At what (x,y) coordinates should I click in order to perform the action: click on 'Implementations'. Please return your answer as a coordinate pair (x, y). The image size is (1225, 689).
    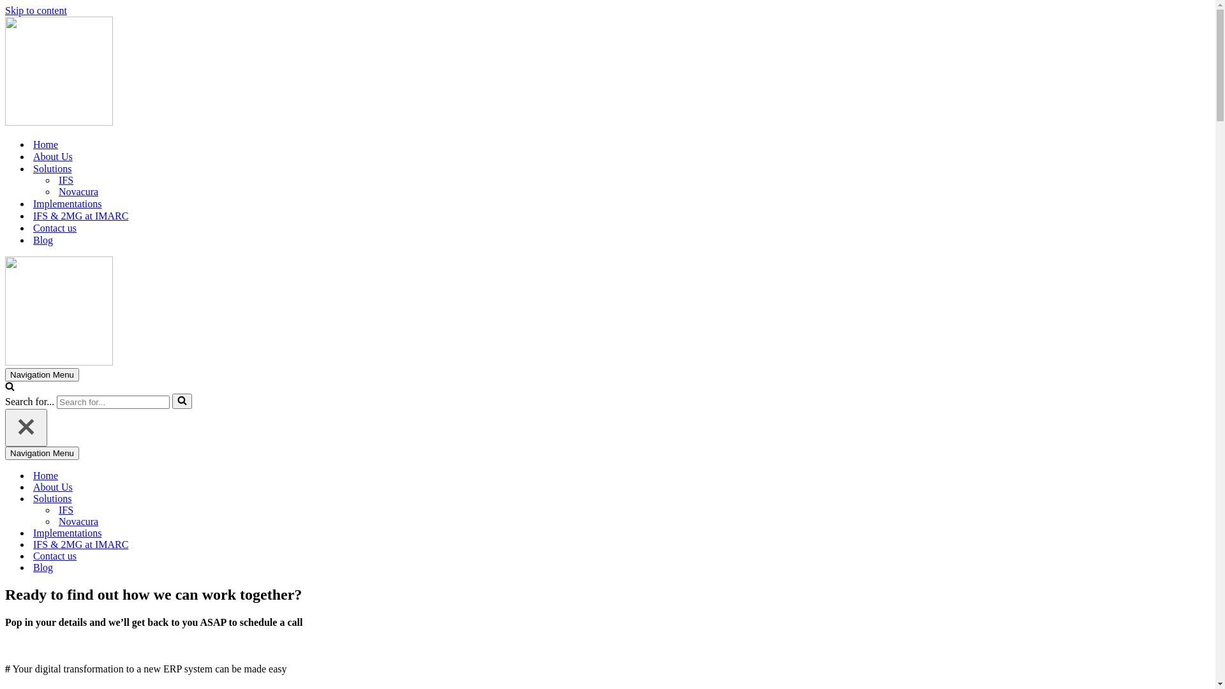
    Looking at the image, I should click on (66, 203).